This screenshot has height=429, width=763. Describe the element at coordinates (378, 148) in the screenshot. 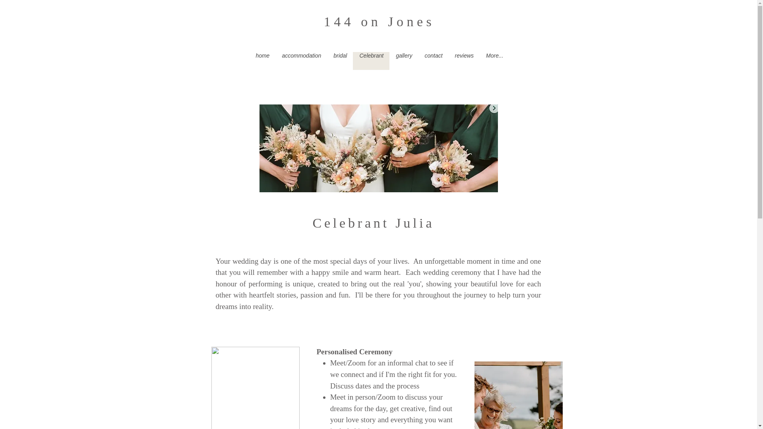

I see `'Screen Shot 2022-02-09 at 5.50.59 PM.jpe'` at that location.